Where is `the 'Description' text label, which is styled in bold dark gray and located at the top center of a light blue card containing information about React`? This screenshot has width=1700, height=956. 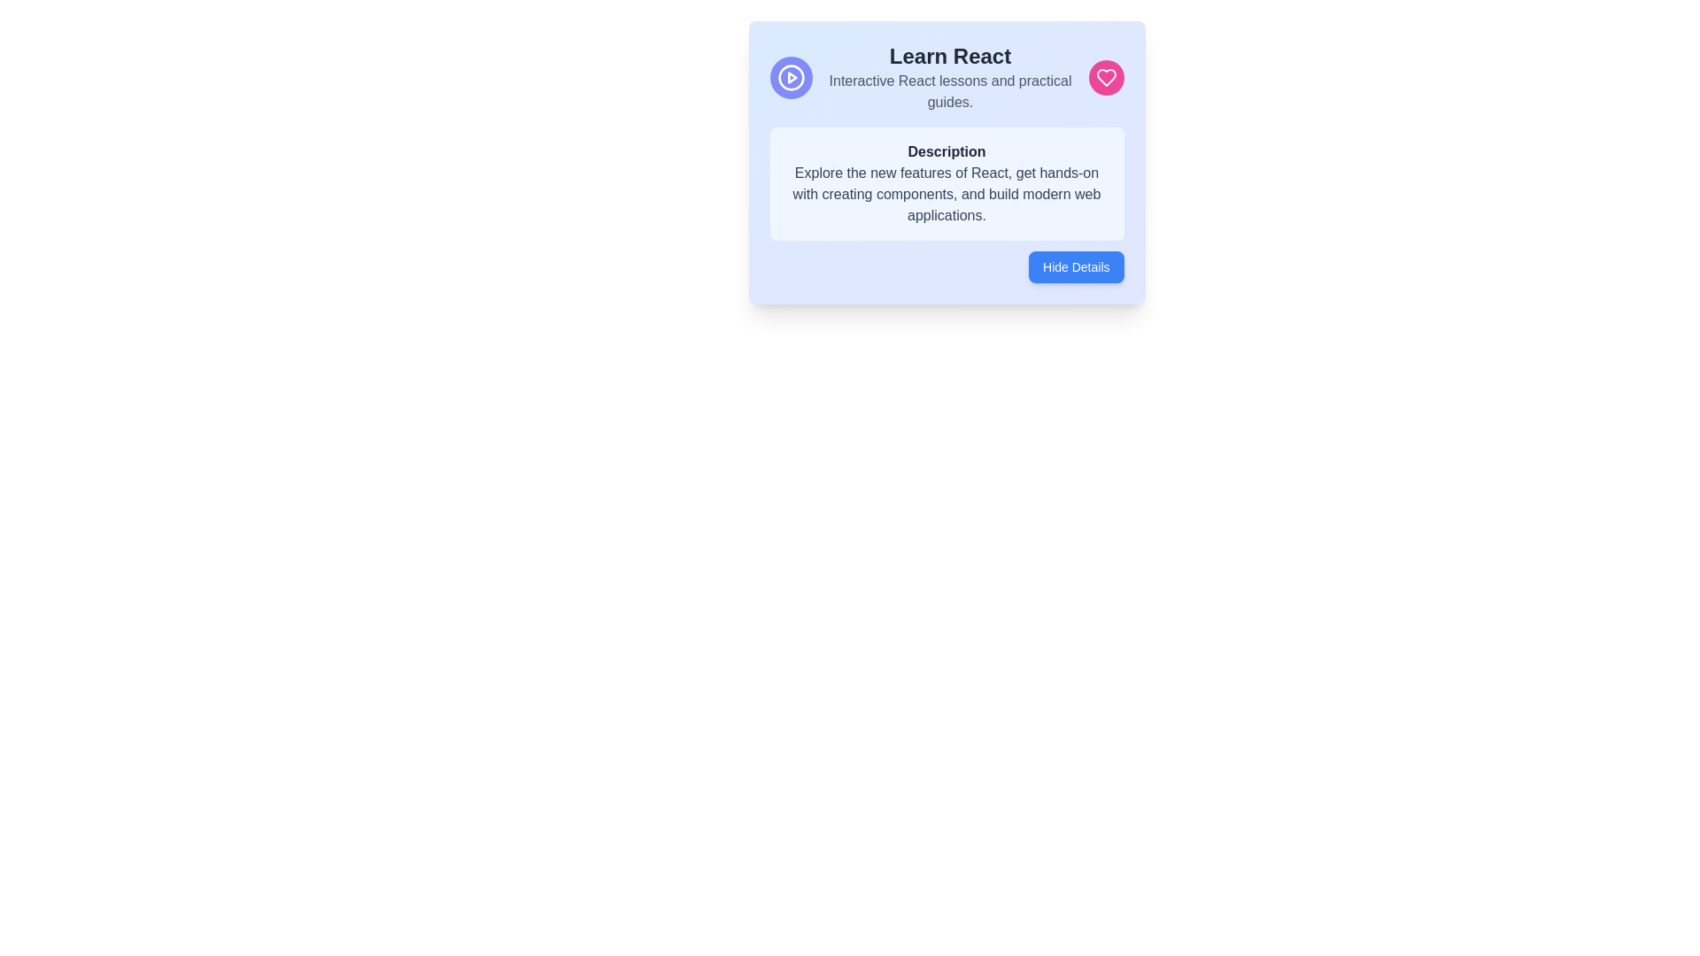 the 'Description' text label, which is styled in bold dark gray and located at the top center of a light blue card containing information about React is located at coordinates (946, 151).